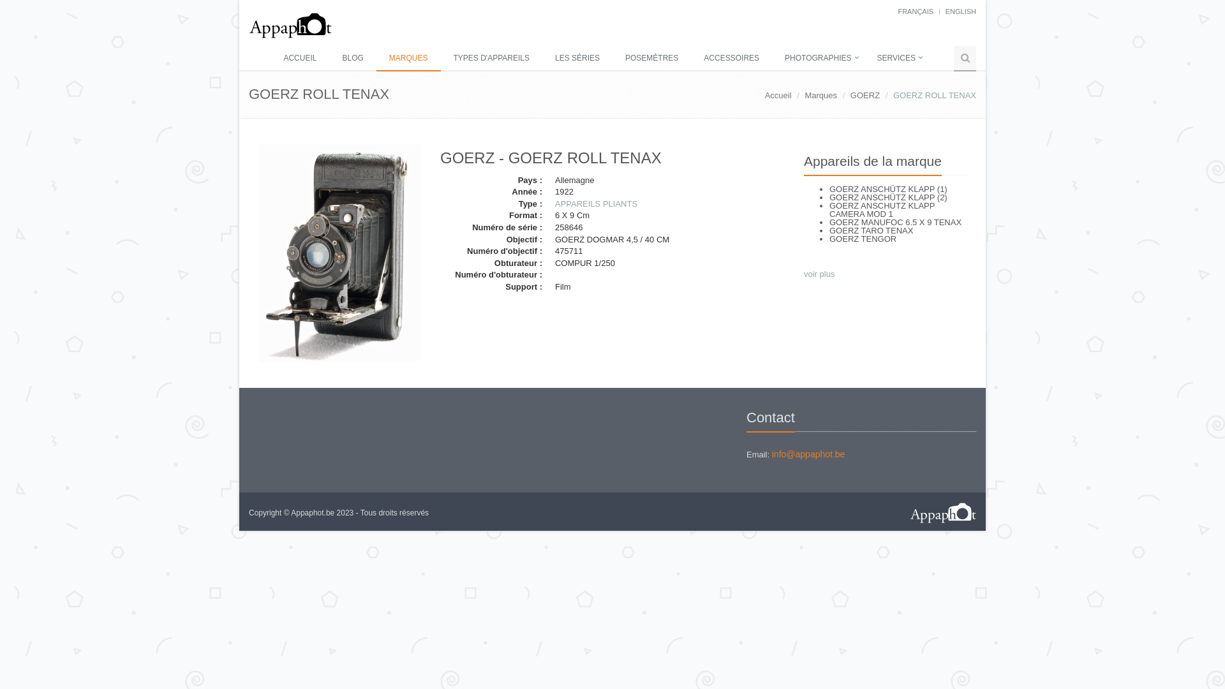 This screenshot has width=1225, height=689. Describe the element at coordinates (771, 59) in the screenshot. I see `'PHOTOGRAPHIES'` at that location.